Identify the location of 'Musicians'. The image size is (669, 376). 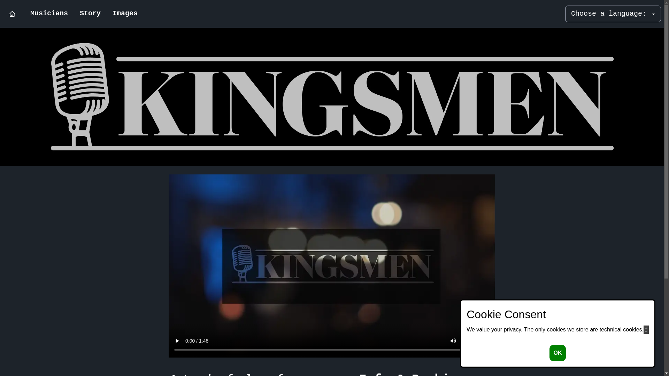
(48, 14).